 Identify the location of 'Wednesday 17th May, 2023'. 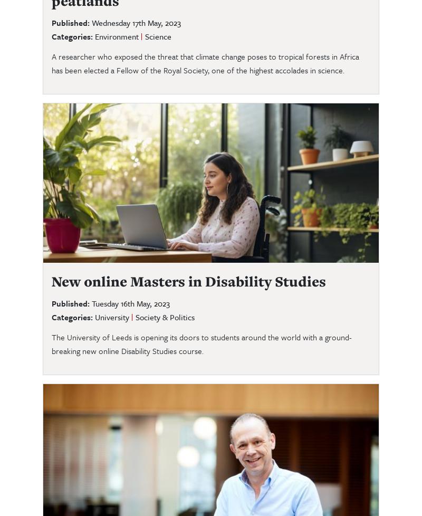
(136, 22).